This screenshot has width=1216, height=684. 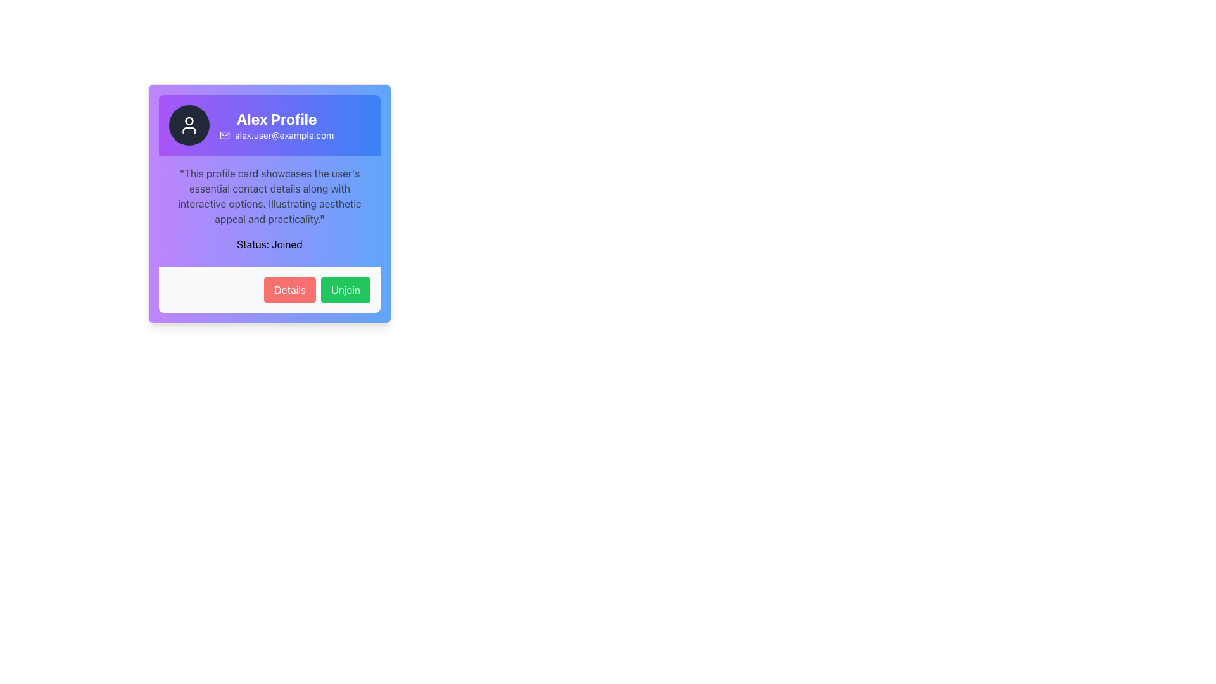 I want to click on the email icon located to the left of the email address 'alex.user@example.com' in the profile card interface, so click(x=225, y=135).